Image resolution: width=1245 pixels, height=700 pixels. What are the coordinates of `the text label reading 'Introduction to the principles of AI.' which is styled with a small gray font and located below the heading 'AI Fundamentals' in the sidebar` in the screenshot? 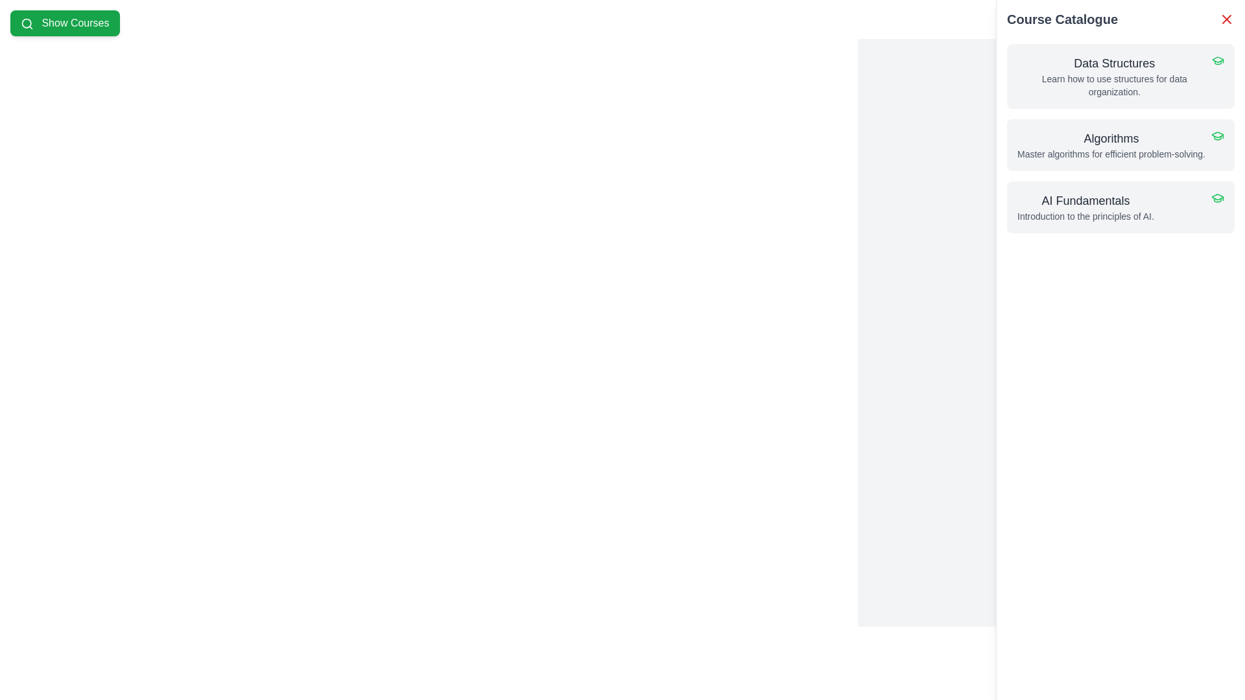 It's located at (1085, 216).